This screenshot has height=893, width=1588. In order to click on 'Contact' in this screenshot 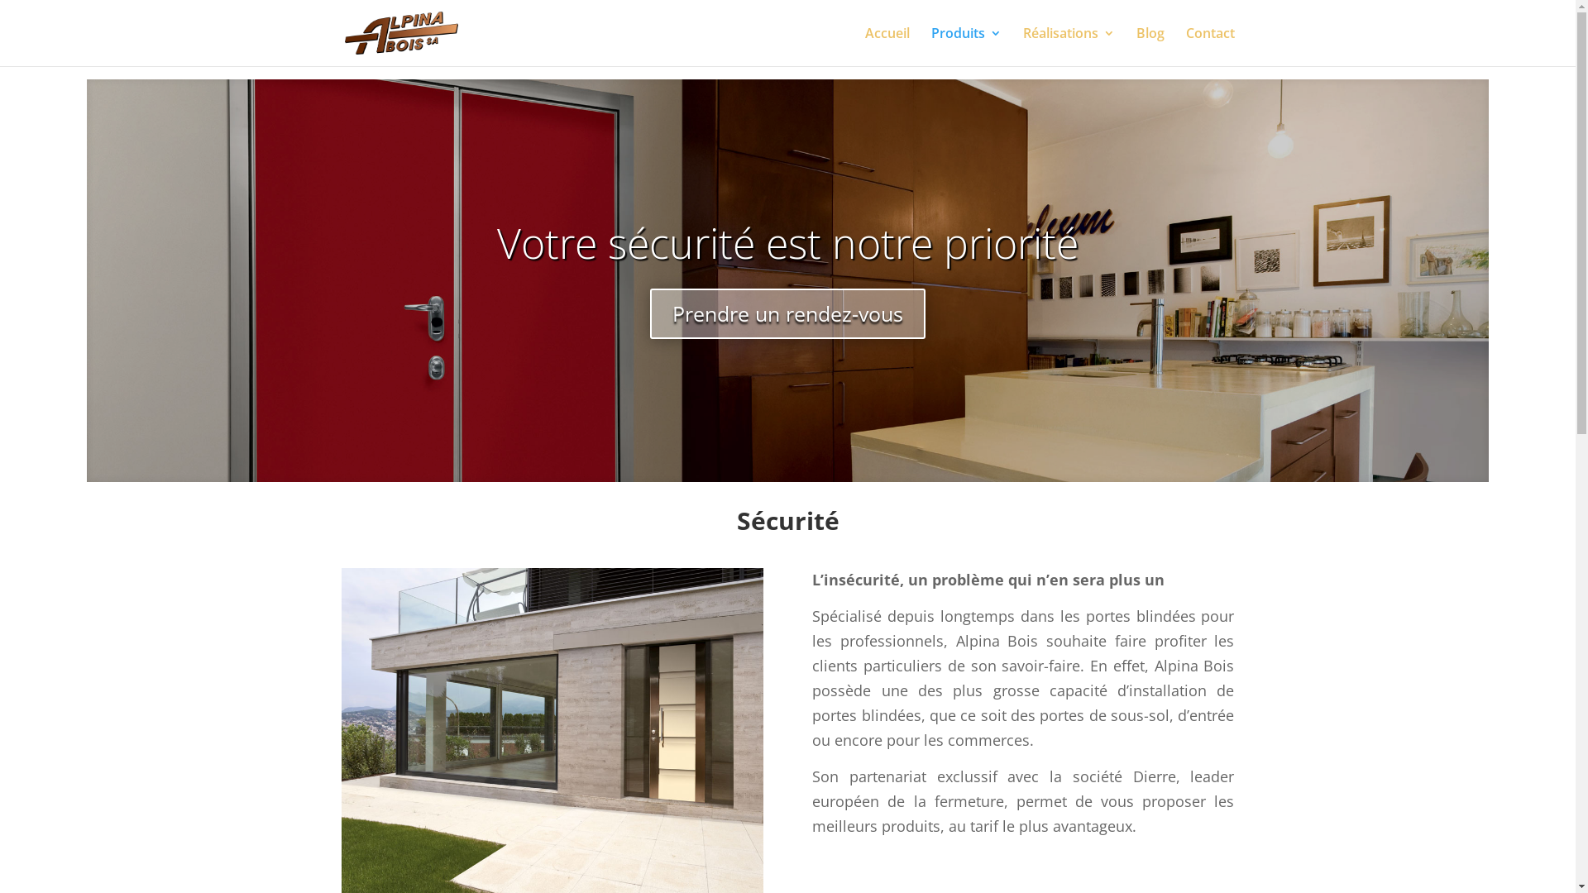, I will do `click(1210, 45)`.